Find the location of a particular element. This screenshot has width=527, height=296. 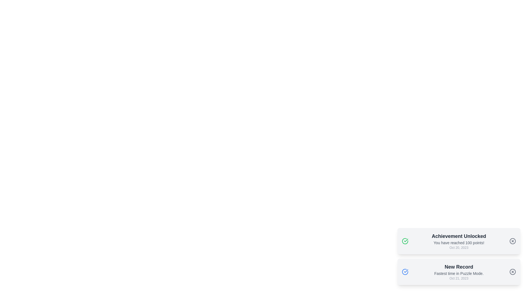

Text label that serves as a heading, positioned at the top of the card above the text 'You have reached 100 points!' and the date 'Oct 20, 2023' is located at coordinates (459, 236).